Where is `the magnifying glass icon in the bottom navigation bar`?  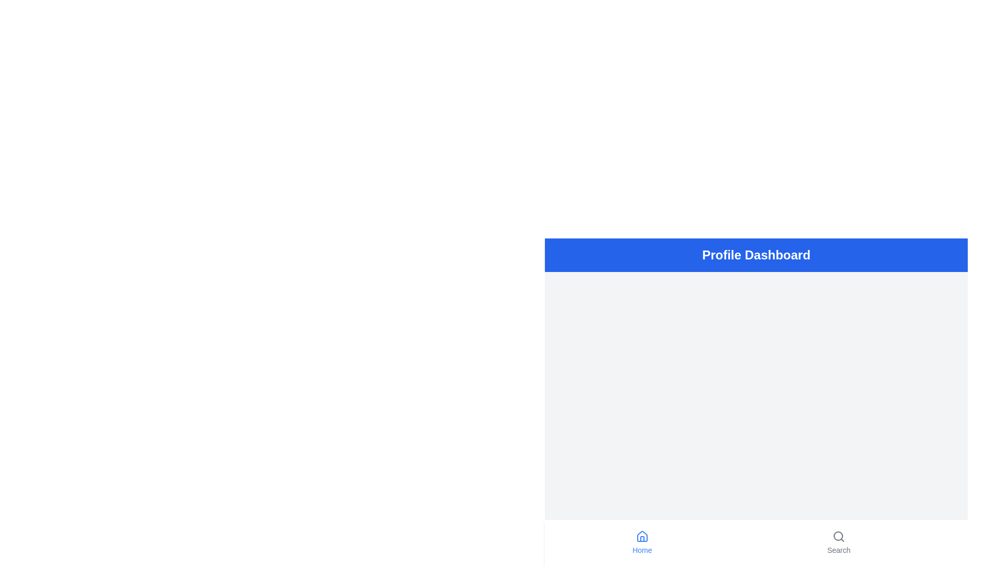 the magnifying glass icon in the bottom navigation bar is located at coordinates (839, 536).